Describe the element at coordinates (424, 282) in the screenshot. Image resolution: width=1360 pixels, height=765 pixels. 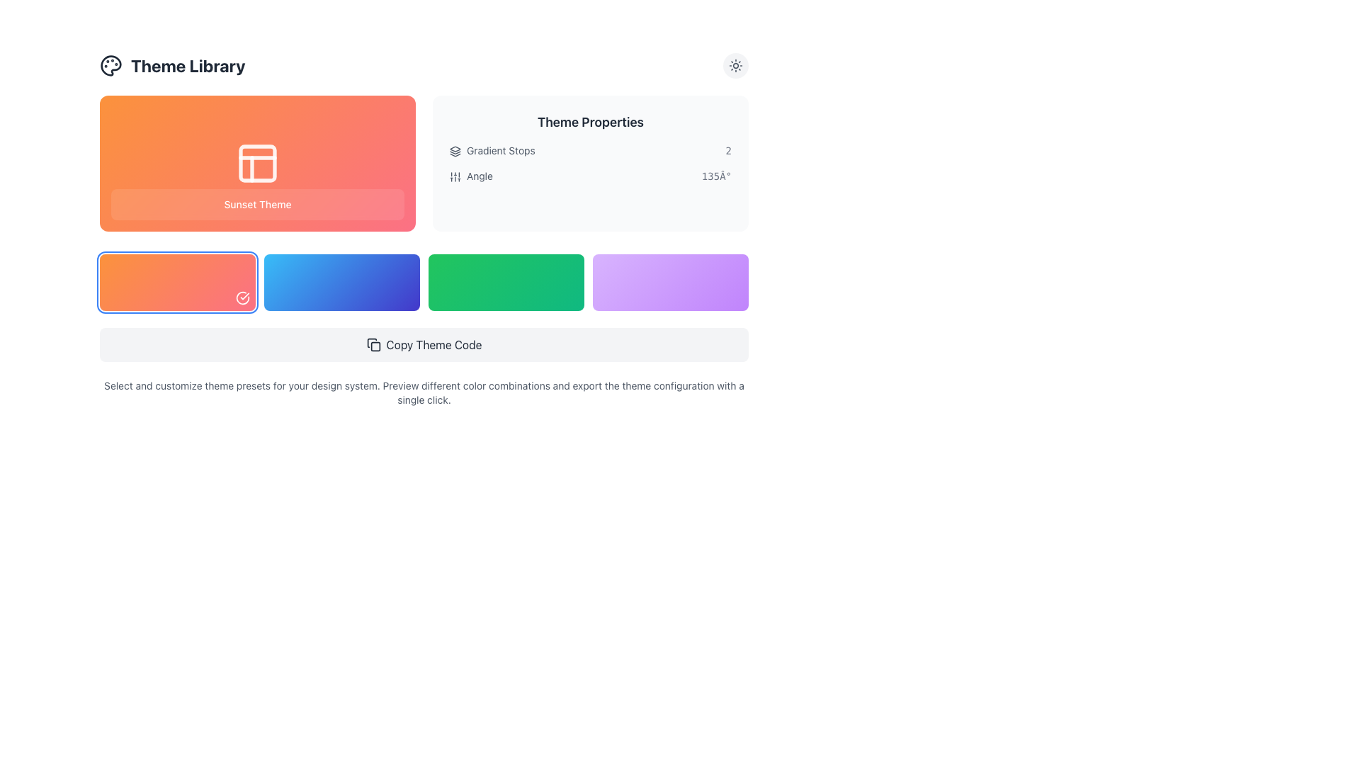
I see `the button representing a selectable item within the theme library, located in the third position among four elements` at that location.